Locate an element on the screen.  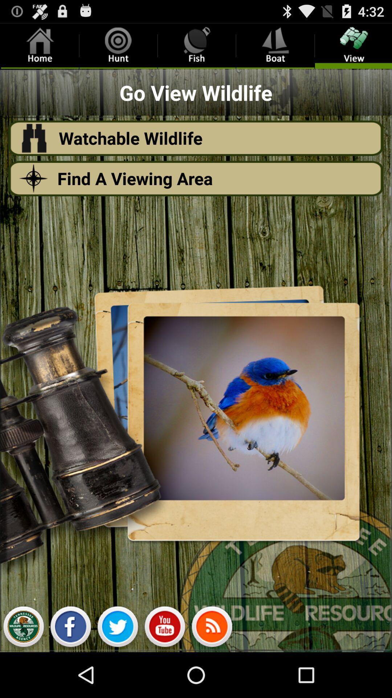
twitter is located at coordinates (117, 628).